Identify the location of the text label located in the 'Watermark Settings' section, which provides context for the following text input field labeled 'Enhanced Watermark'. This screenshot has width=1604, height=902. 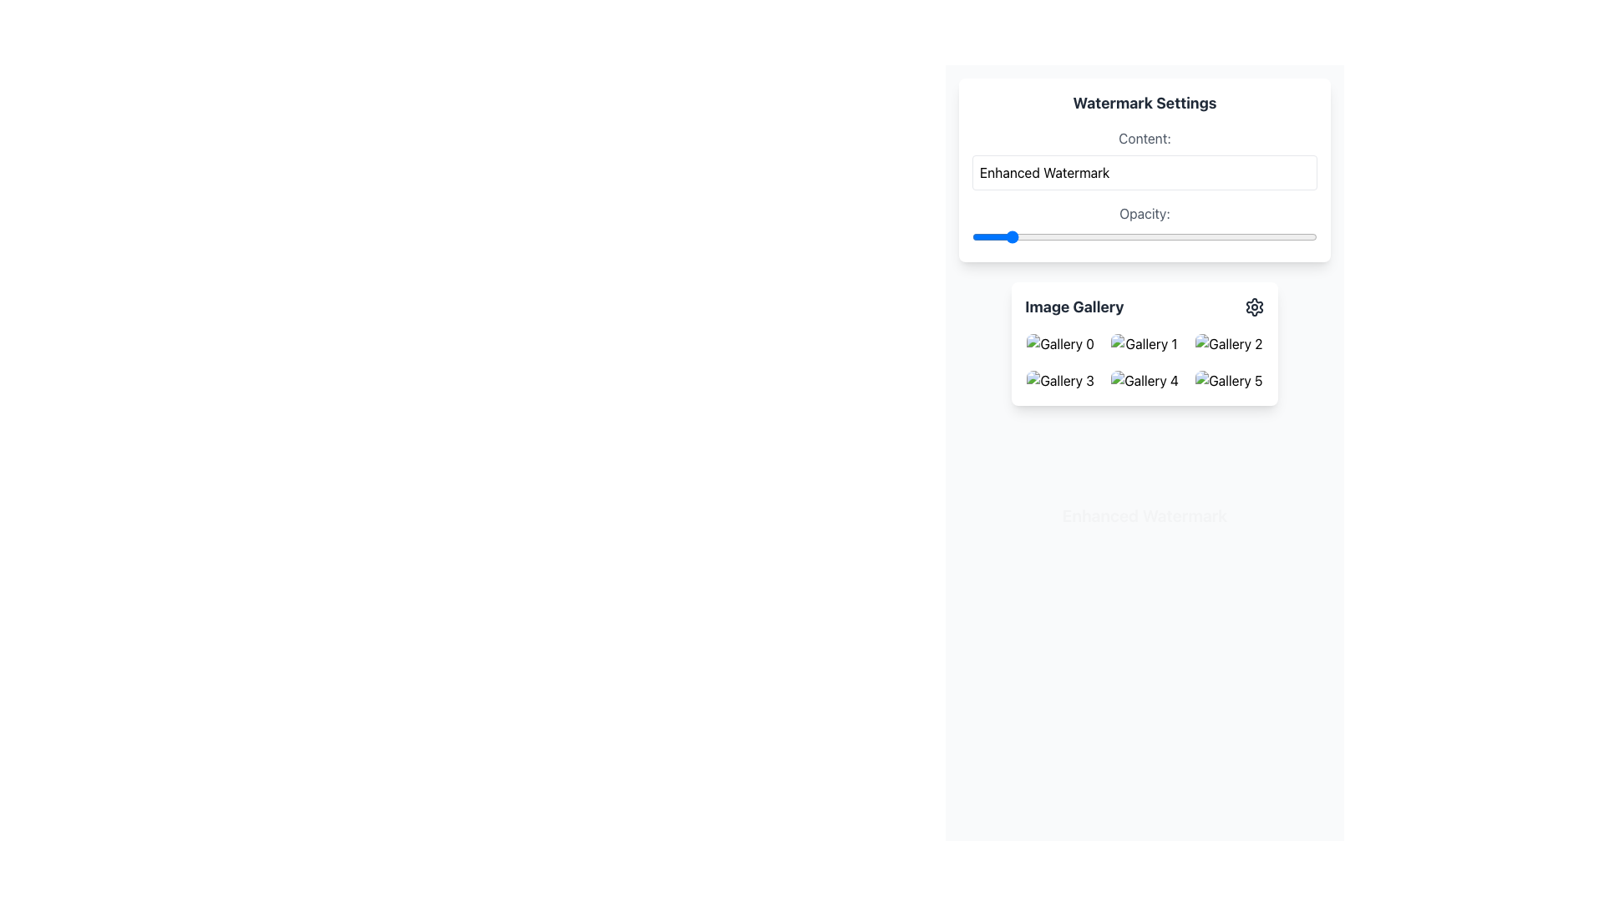
(1144, 137).